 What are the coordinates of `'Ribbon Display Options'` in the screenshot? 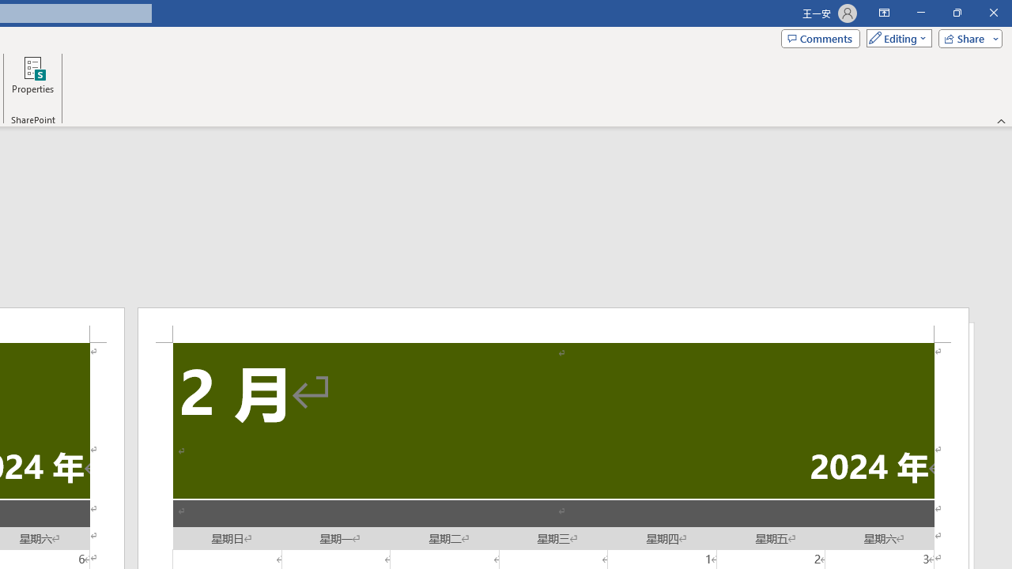 It's located at (883, 13).